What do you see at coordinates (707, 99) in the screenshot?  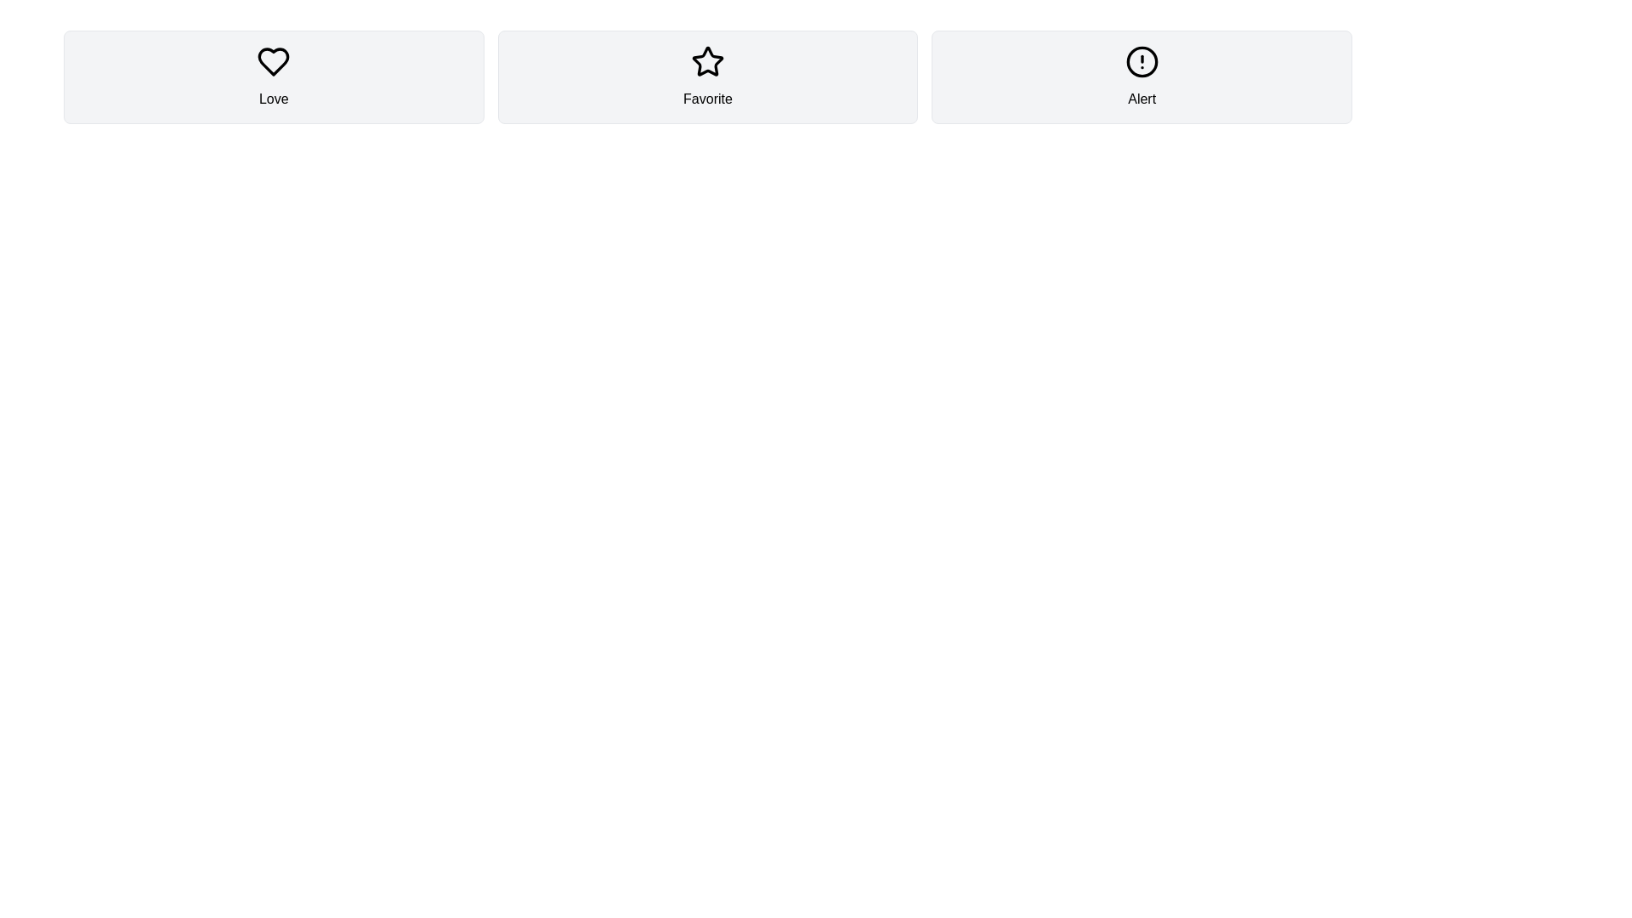 I see `the 'Favorite' text label, which is displayed in black font on a white background and is positioned below a star icon` at bounding box center [707, 99].